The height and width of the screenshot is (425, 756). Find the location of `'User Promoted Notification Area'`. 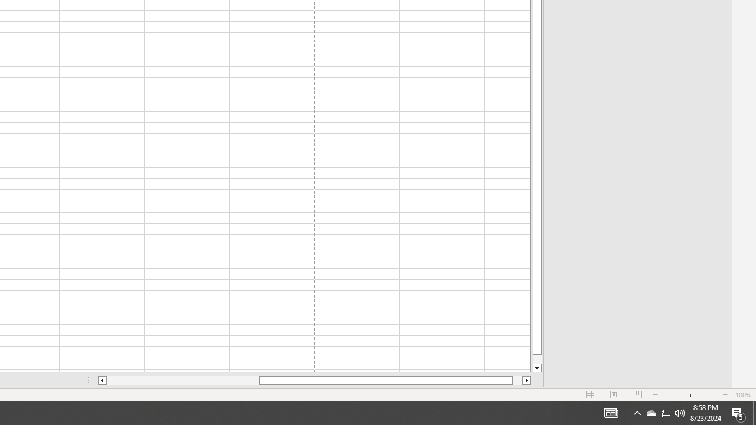

'User Promoted Notification Area' is located at coordinates (666, 412).